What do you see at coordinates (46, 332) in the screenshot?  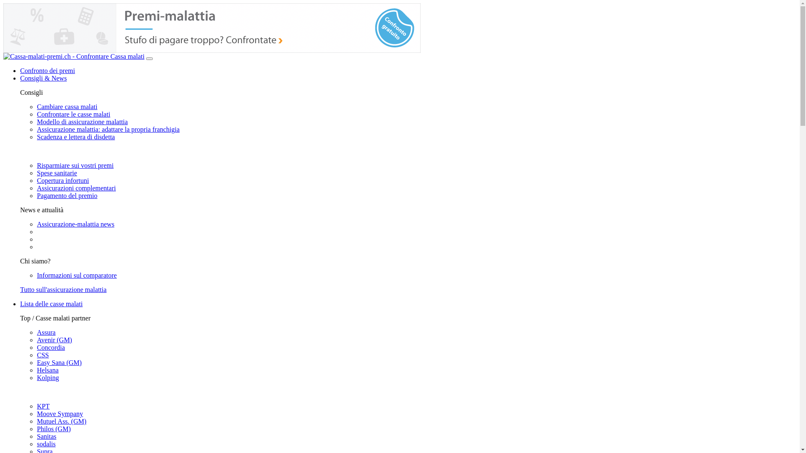 I see `'Assura'` at bounding box center [46, 332].